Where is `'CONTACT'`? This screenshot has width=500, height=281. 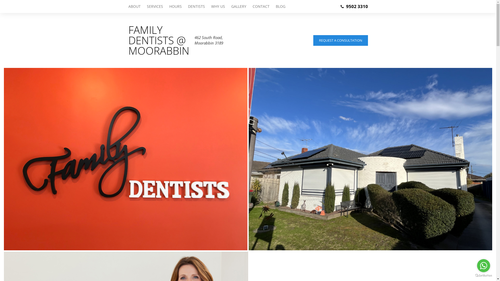 'CONTACT' is located at coordinates (261, 6).